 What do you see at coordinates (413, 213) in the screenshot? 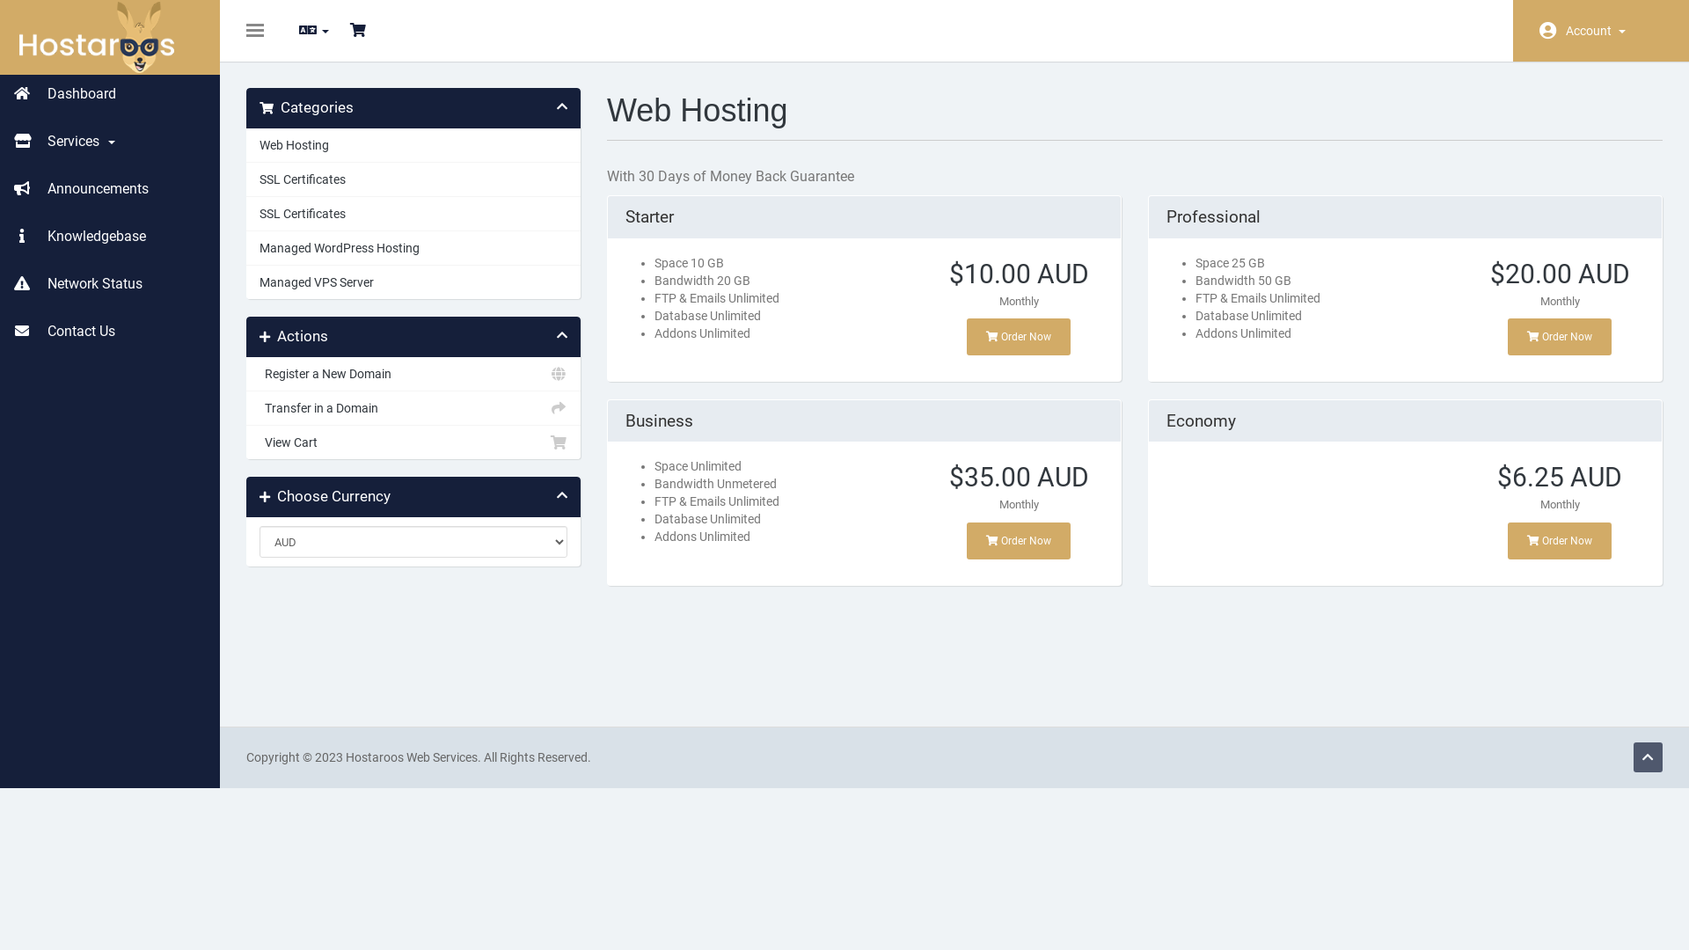
I see `'SSL Certificates'` at bounding box center [413, 213].